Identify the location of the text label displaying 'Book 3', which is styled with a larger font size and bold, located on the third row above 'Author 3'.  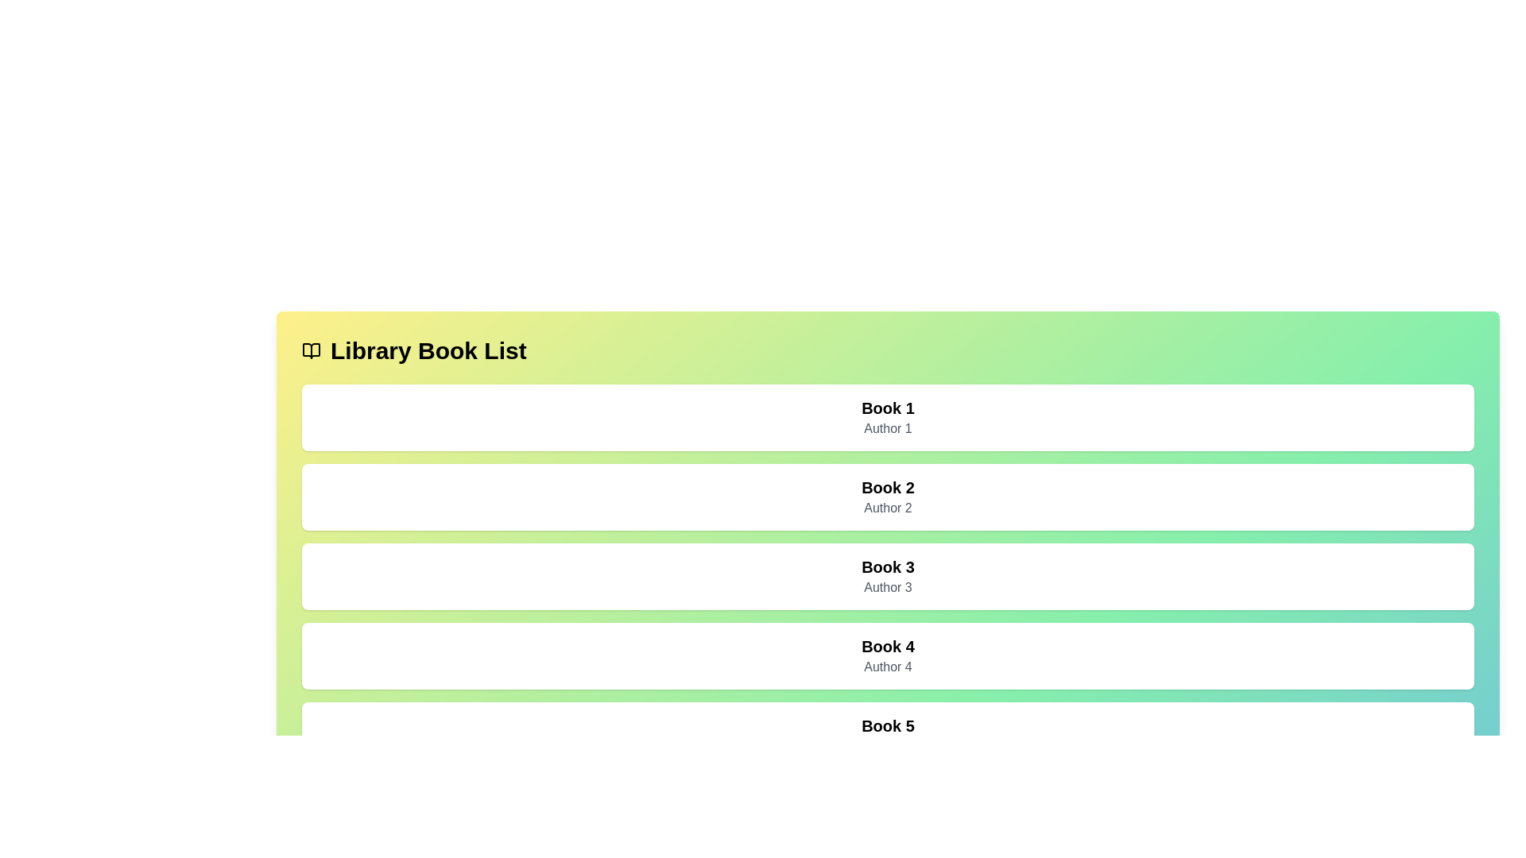
(887, 566).